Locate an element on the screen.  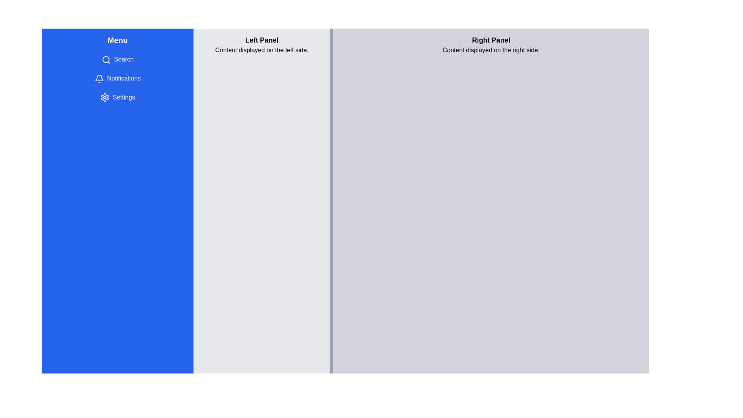
the circular part of the magnifier icon within the 'Search' option in the left-side blue menu panel is located at coordinates (105, 59).